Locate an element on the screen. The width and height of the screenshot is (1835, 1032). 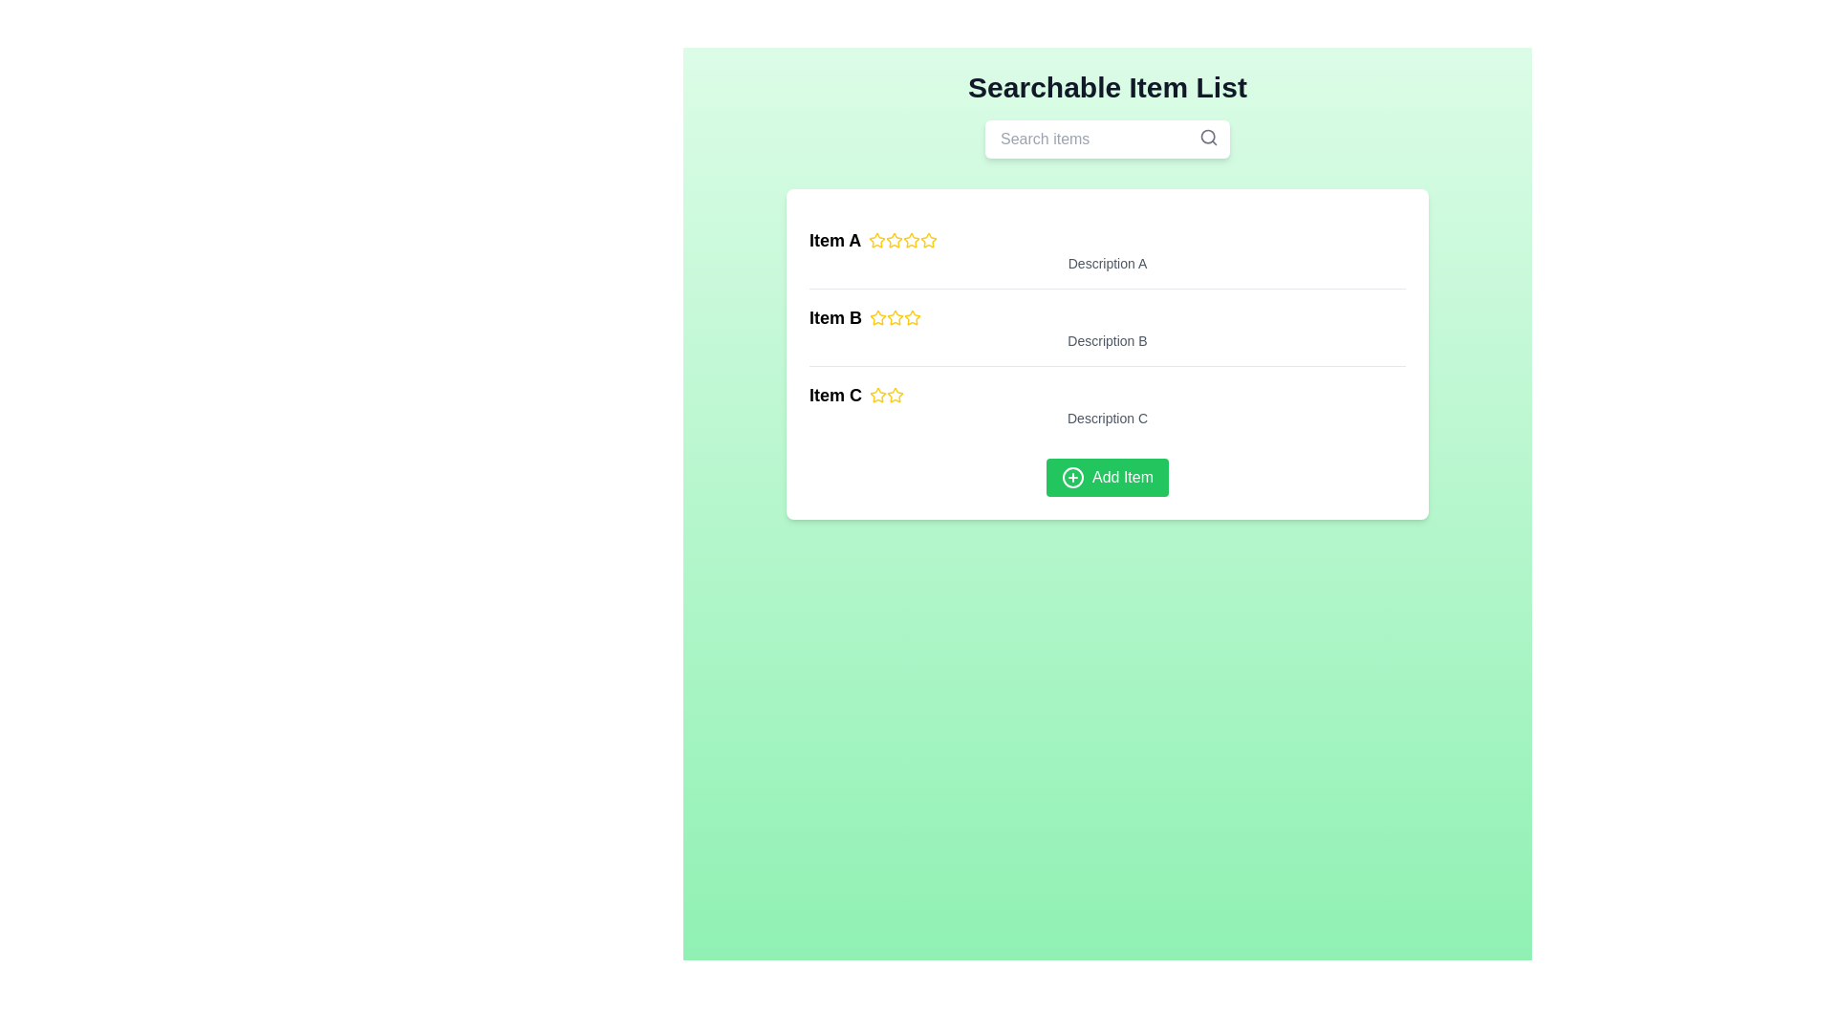
the first rating star icon for 'Item C', which is styled with a yellow outline and hollow center is located at coordinates (877, 394).